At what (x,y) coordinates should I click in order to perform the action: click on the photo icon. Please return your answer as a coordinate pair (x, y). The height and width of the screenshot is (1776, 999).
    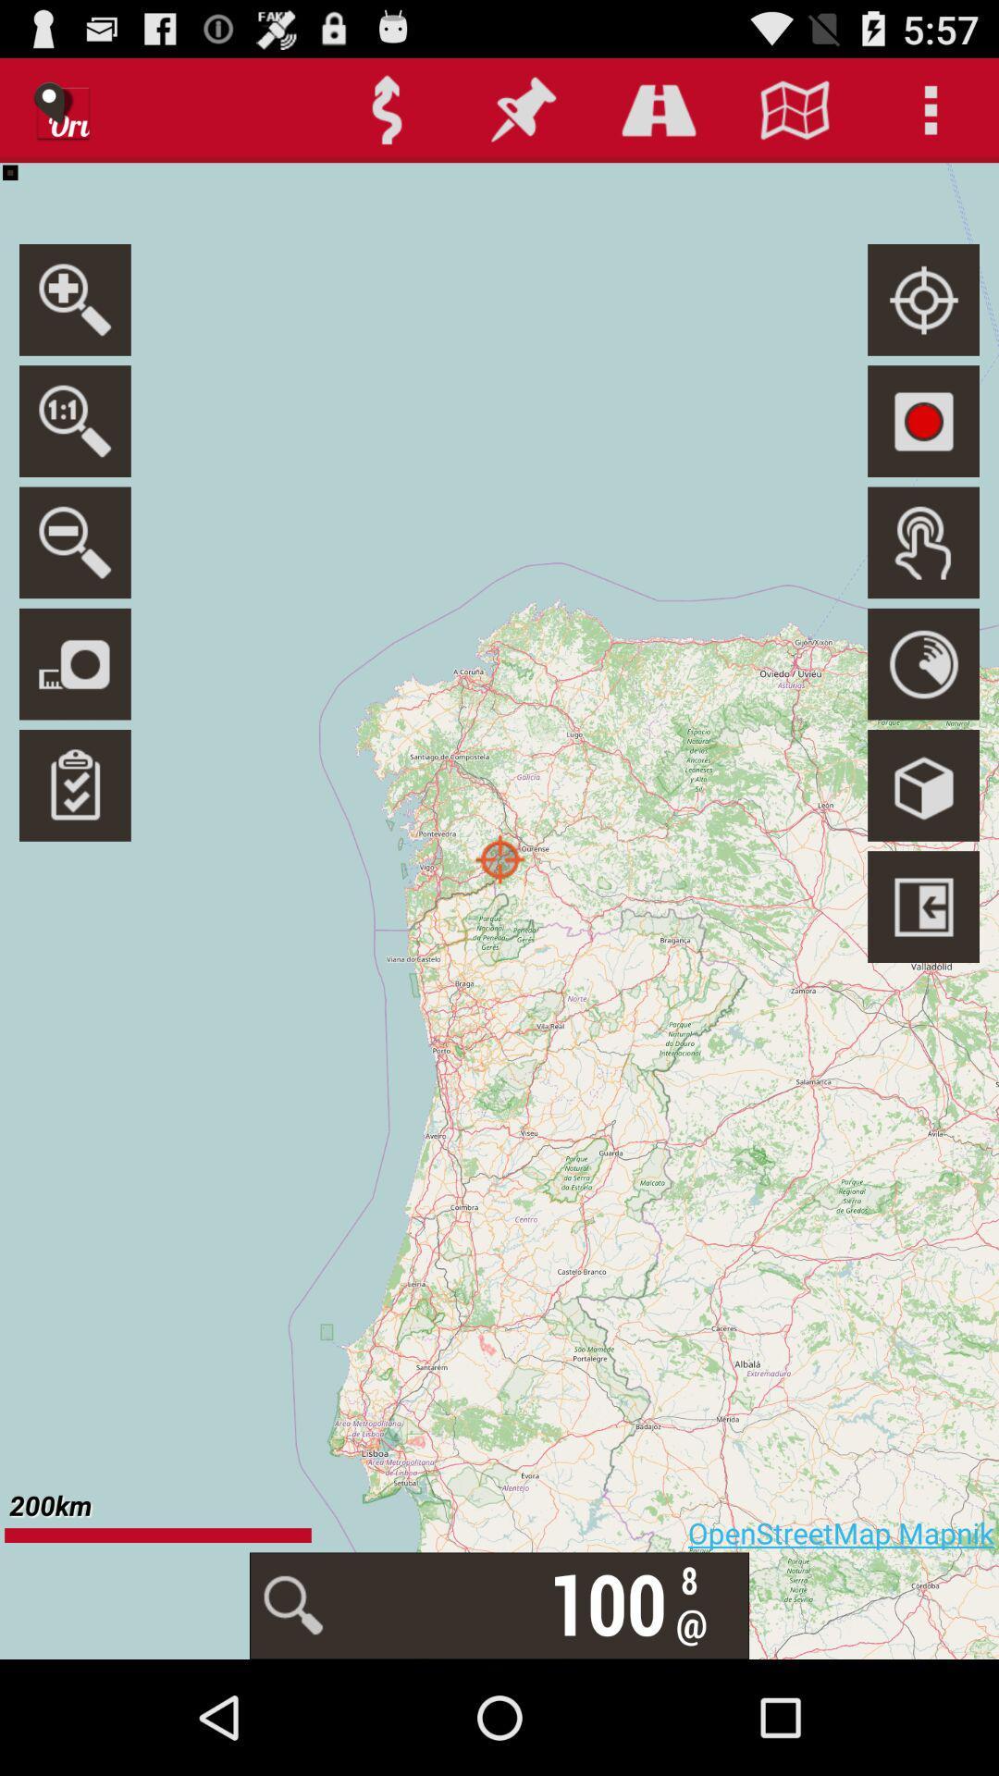
    Looking at the image, I should click on (74, 709).